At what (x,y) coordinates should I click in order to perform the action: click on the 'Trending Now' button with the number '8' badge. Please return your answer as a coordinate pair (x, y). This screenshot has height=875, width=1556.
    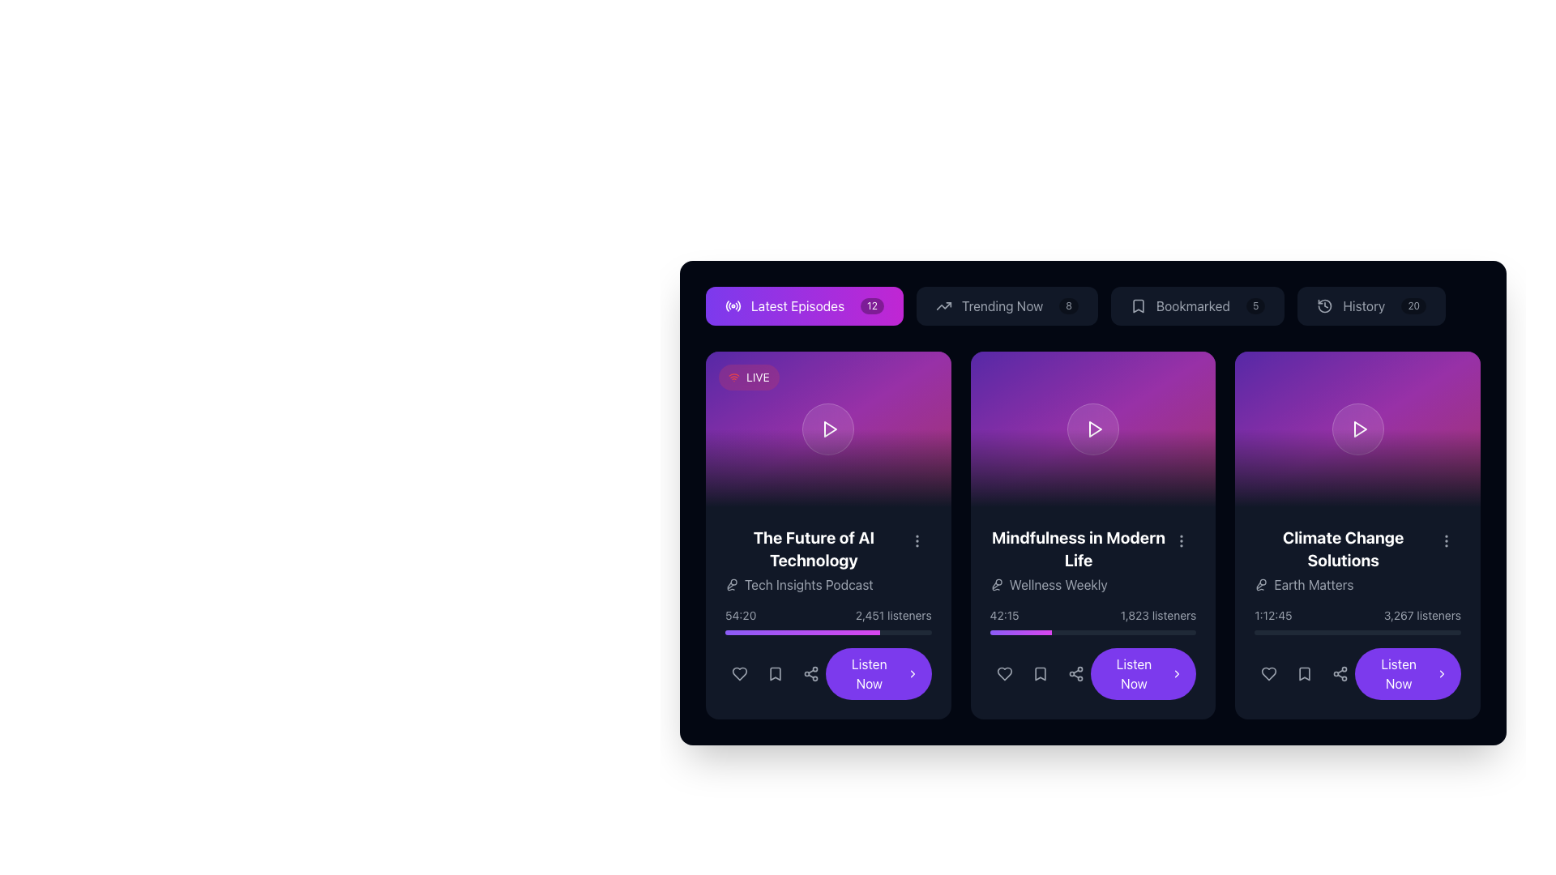
    Looking at the image, I should click on (1006, 306).